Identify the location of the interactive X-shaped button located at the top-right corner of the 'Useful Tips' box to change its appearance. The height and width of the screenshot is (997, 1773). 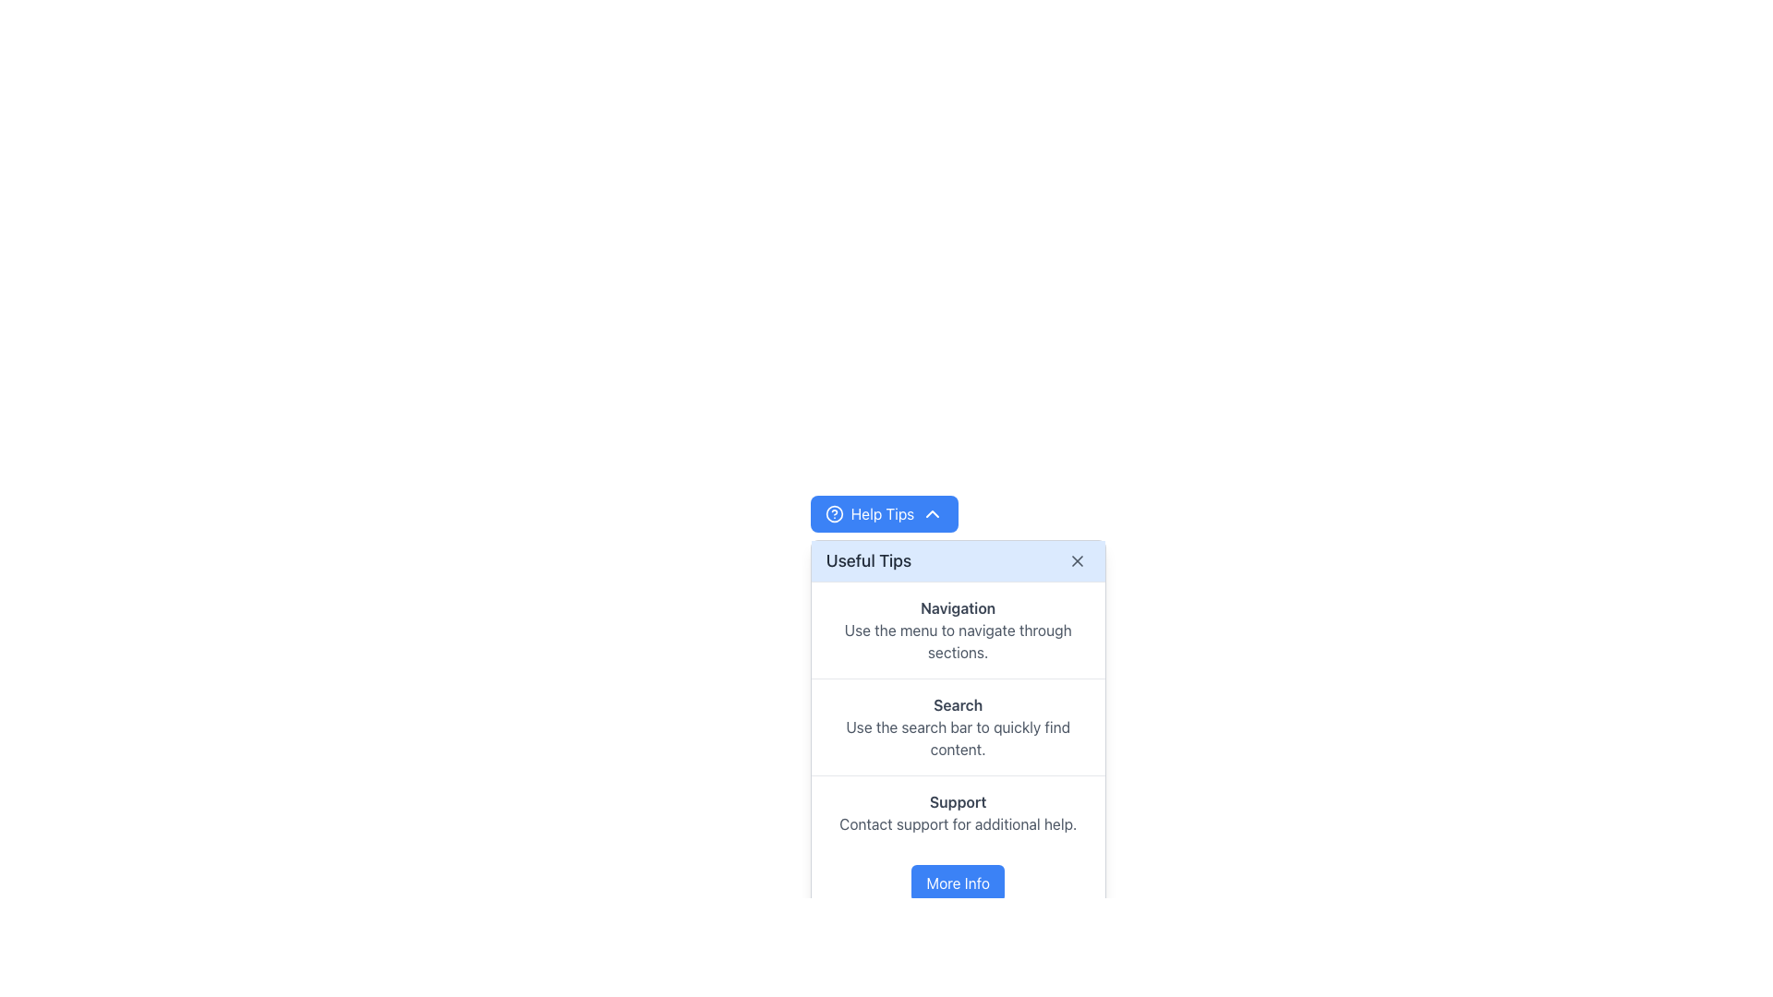
(1077, 560).